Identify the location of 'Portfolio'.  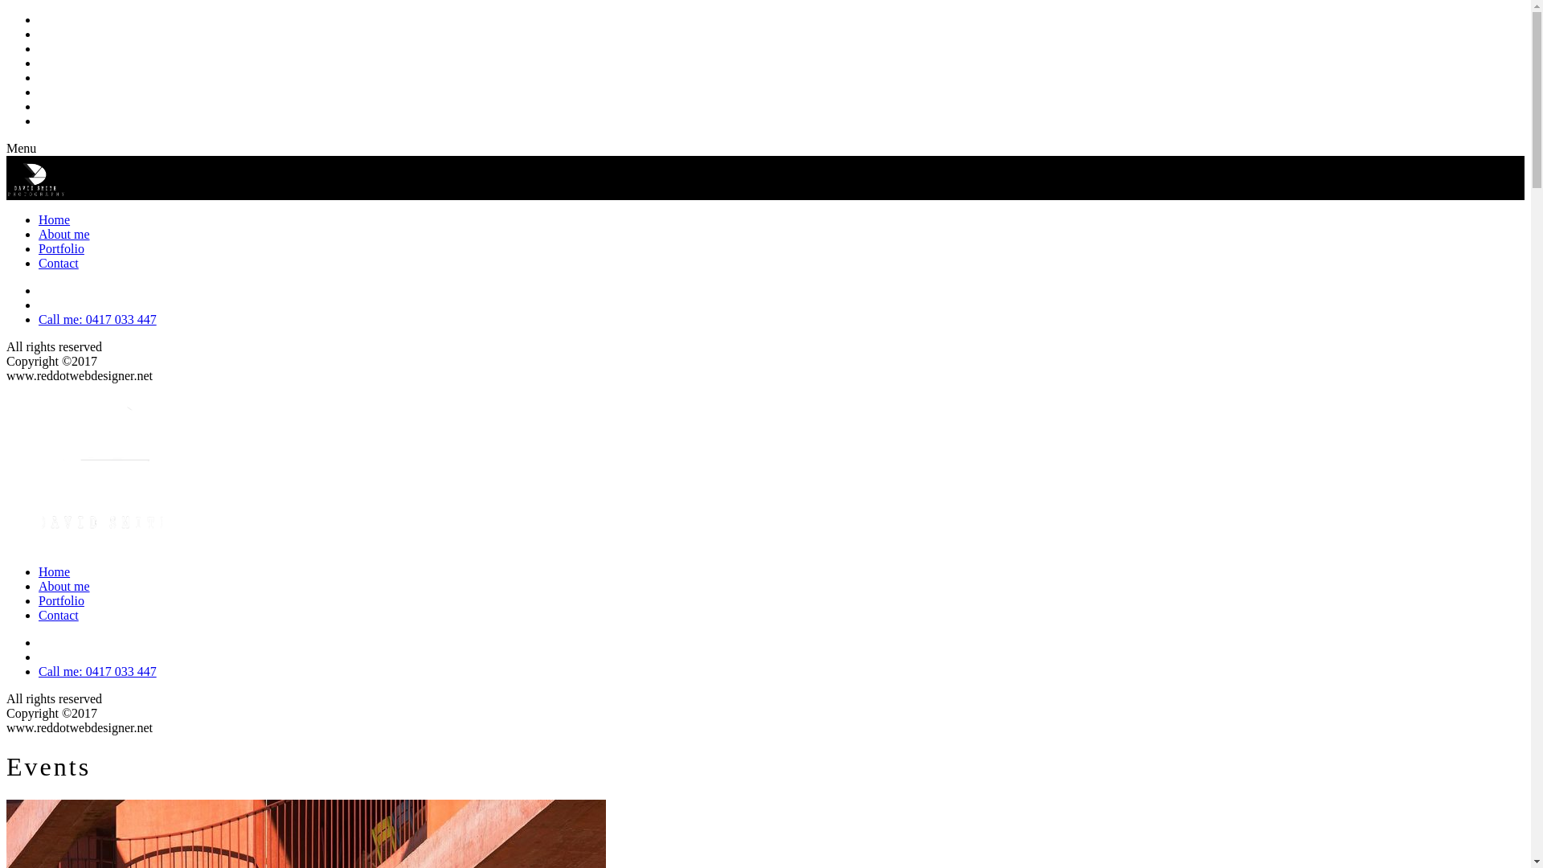
(61, 248).